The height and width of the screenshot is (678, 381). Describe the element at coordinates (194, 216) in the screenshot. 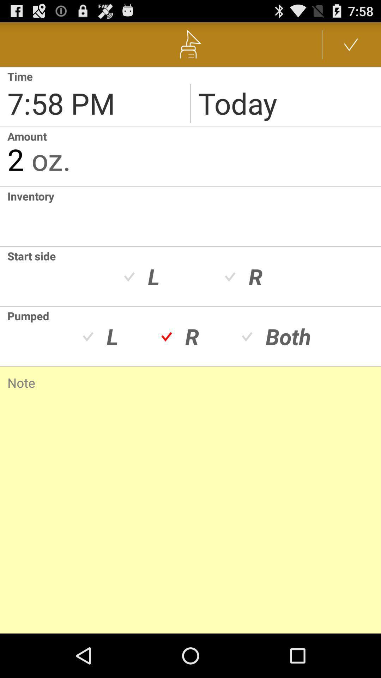

I see `inventory` at that location.